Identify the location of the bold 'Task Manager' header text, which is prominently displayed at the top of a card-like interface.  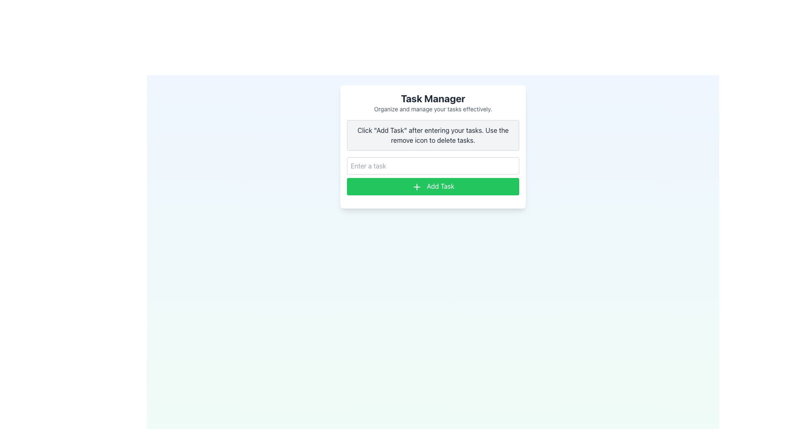
(433, 98).